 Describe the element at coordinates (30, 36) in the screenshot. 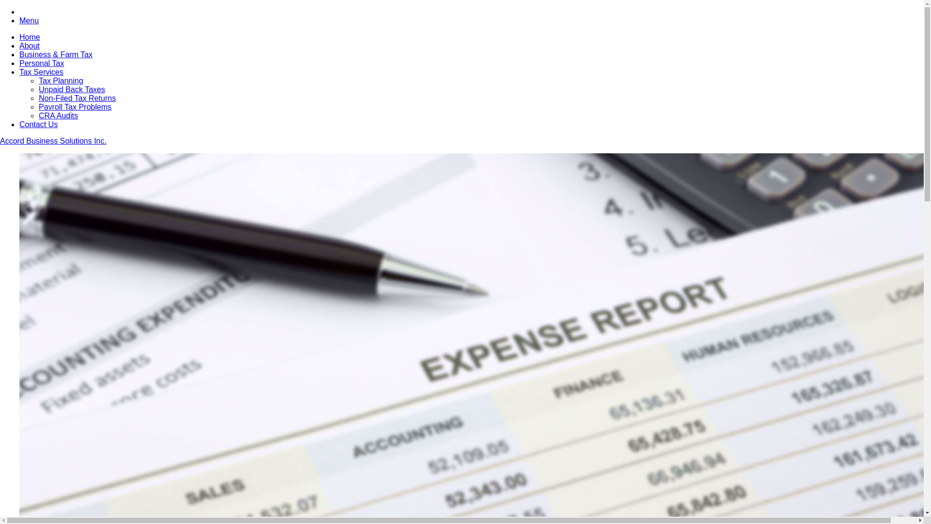

I see `'Home'` at that location.